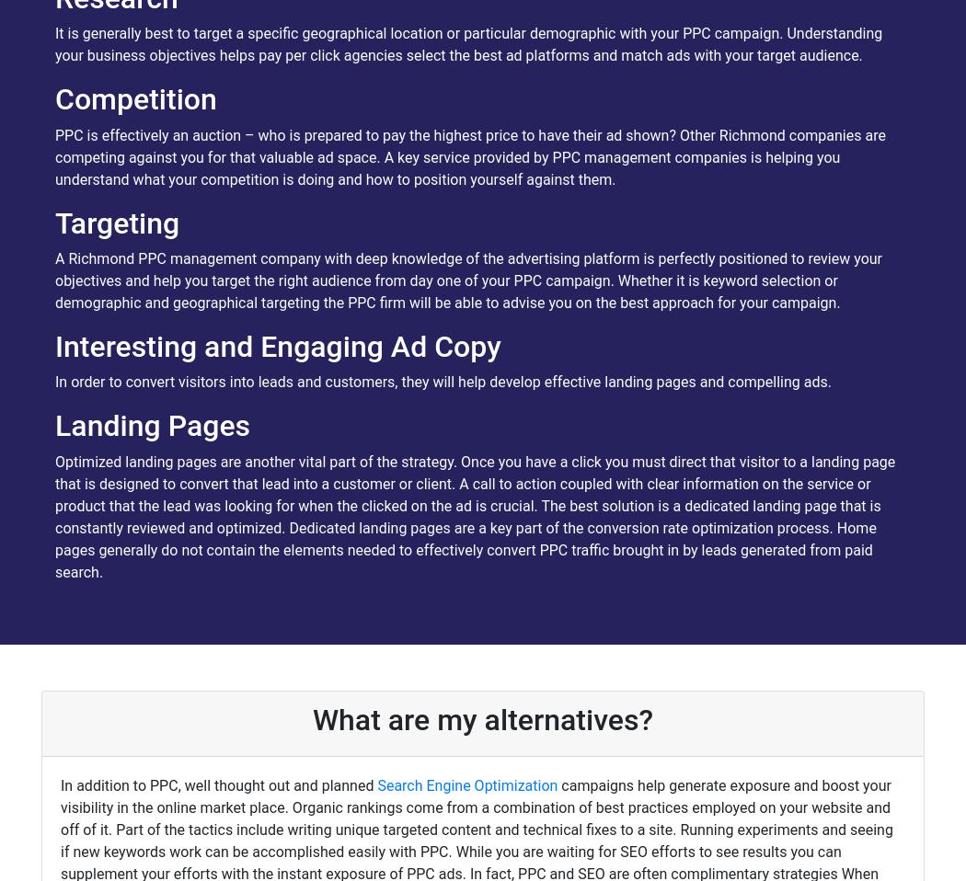 The image size is (966, 881). Describe the element at coordinates (134, 98) in the screenshot. I see `'Competition'` at that location.